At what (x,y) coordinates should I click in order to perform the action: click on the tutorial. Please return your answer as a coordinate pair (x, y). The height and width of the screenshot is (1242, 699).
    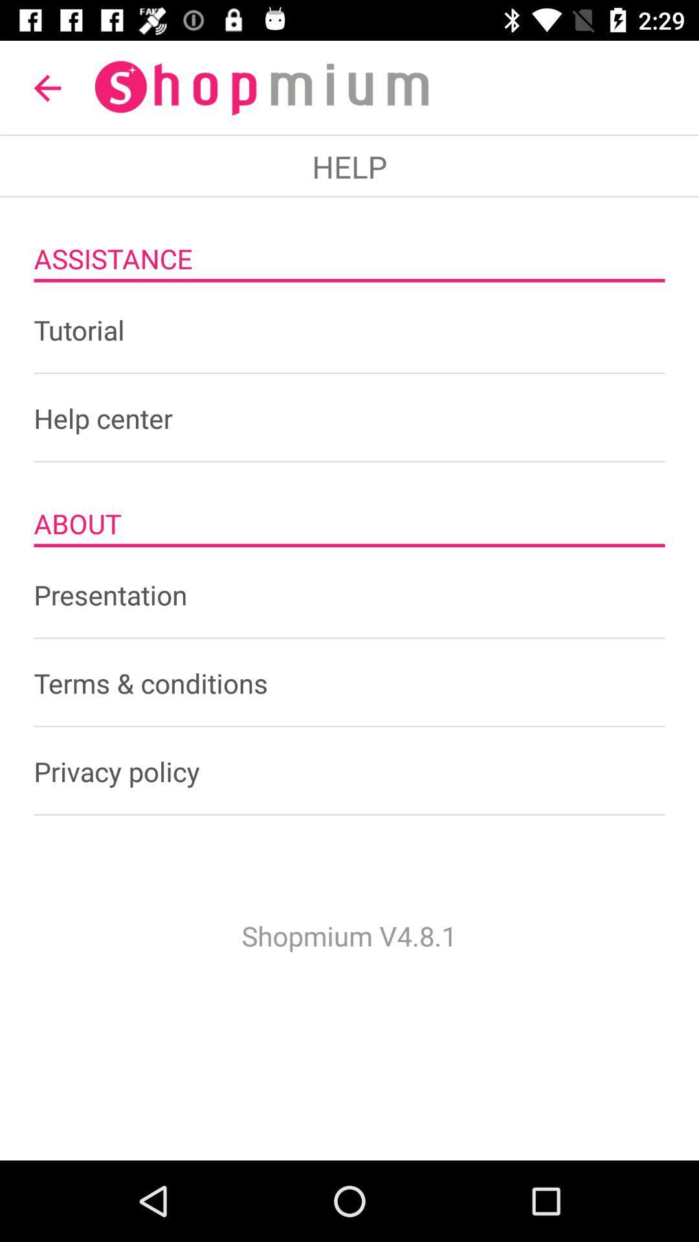
    Looking at the image, I should click on (349, 329).